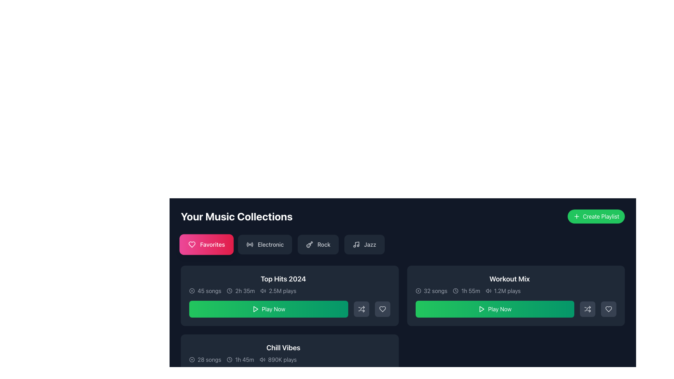 This screenshot has width=674, height=379. Describe the element at coordinates (318, 244) in the screenshot. I see `the button` at that location.